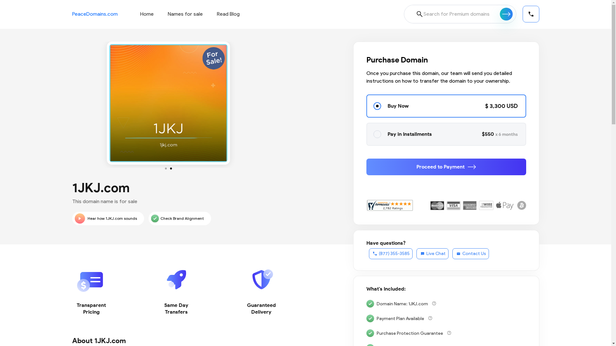  I want to click on '(877) 355-3585', so click(369, 253).